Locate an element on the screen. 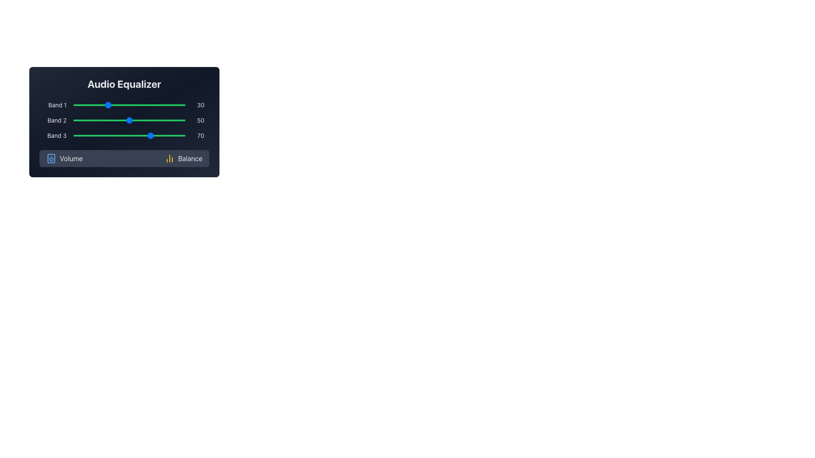  the frequency slider is located at coordinates (123, 120).